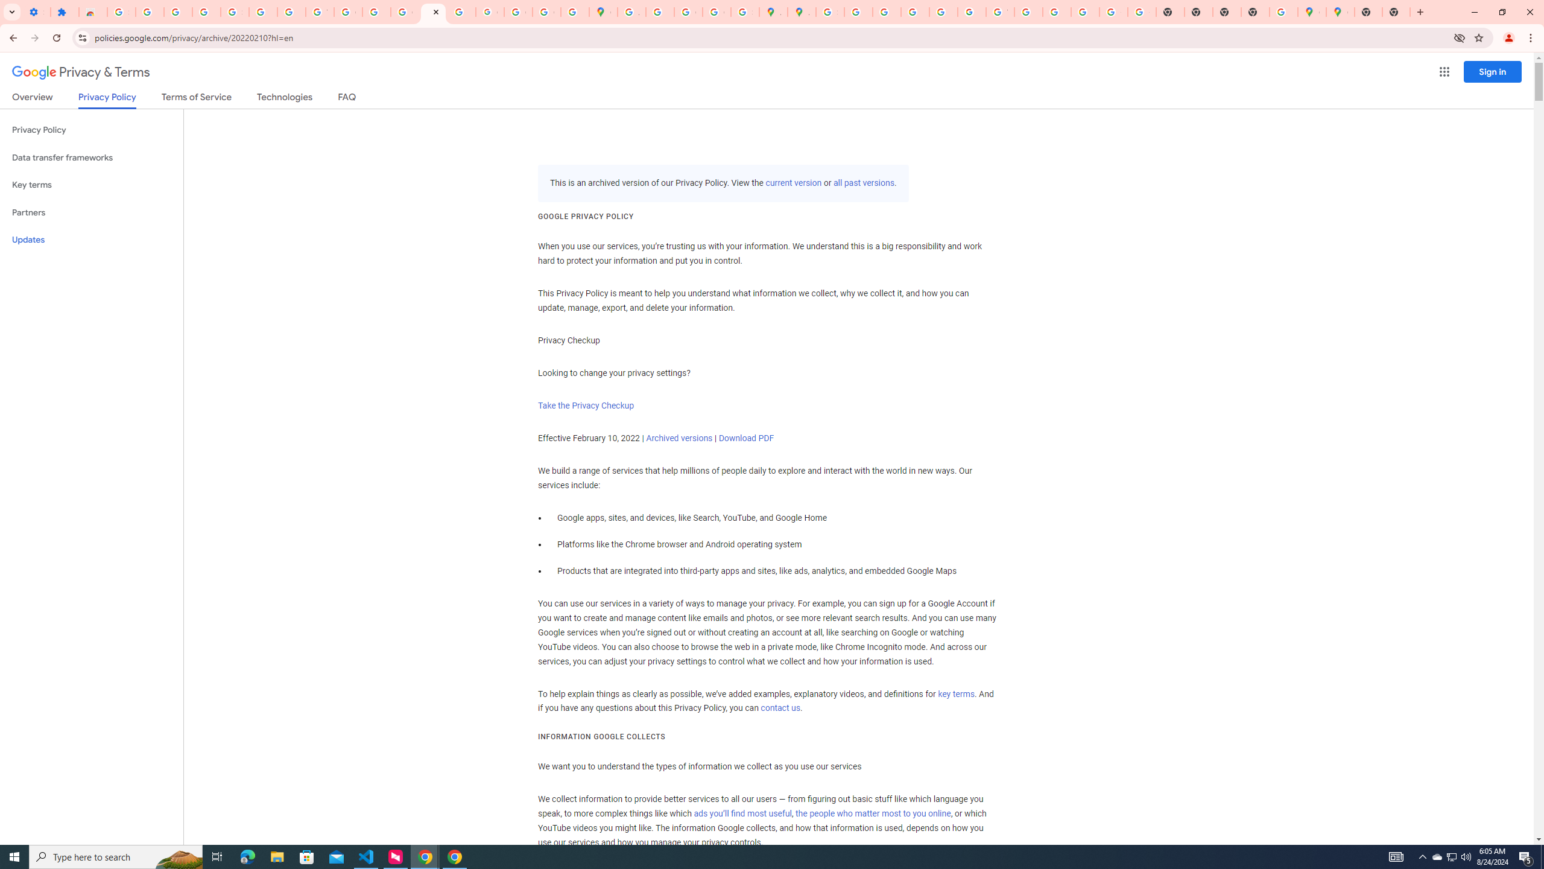 The image size is (1544, 869). Describe the element at coordinates (780, 708) in the screenshot. I see `'contact us'` at that location.